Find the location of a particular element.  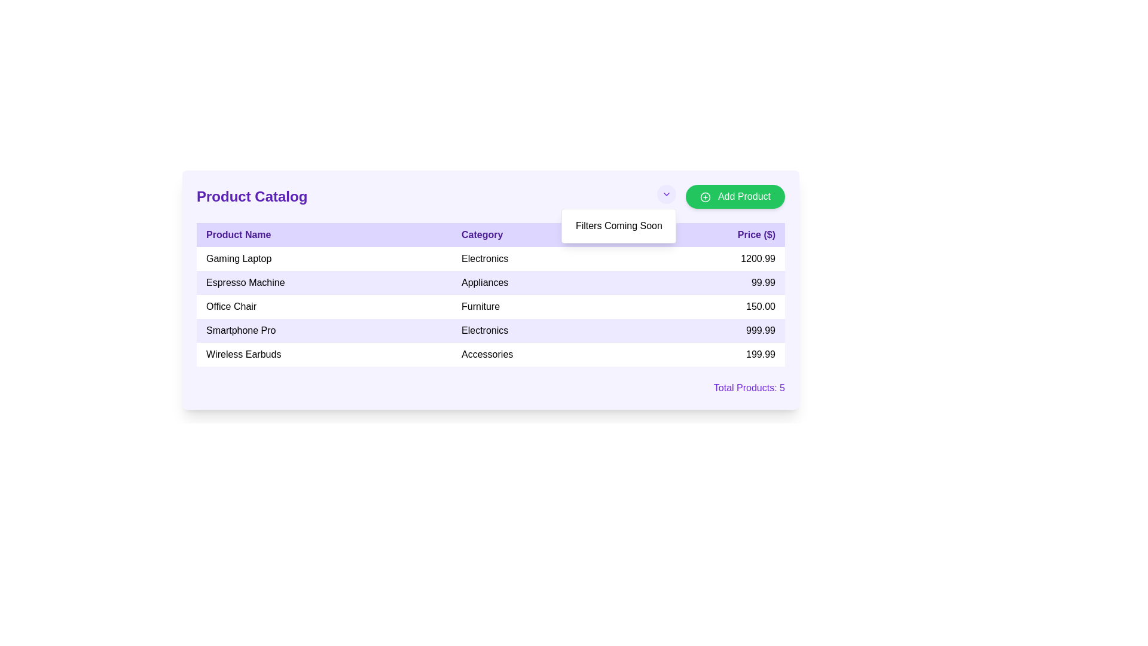

the circular 'Add Product' icon with a plus sign in the middle, which is located to the left of the 'Add Product' button in the top-right corner of the purple-bordered section of the product catalog is located at coordinates (706, 196).